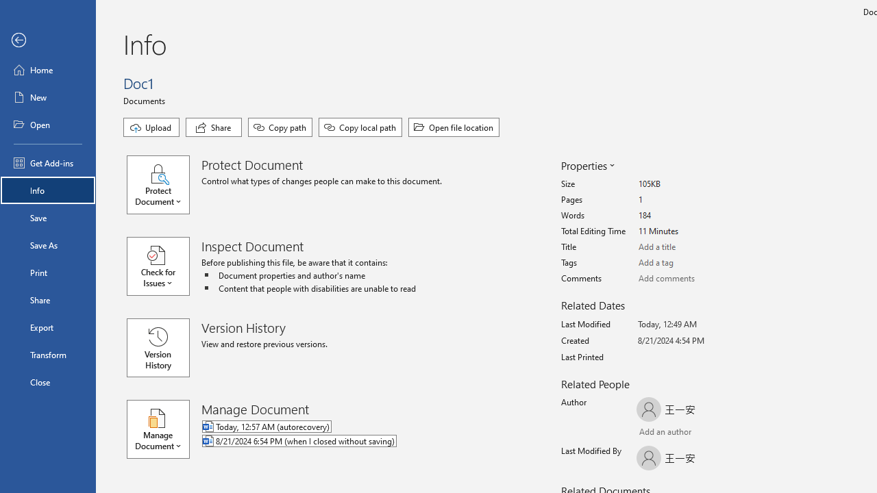 This screenshot has width=877, height=493. What do you see at coordinates (47, 125) in the screenshot?
I see `'Open'` at bounding box center [47, 125].